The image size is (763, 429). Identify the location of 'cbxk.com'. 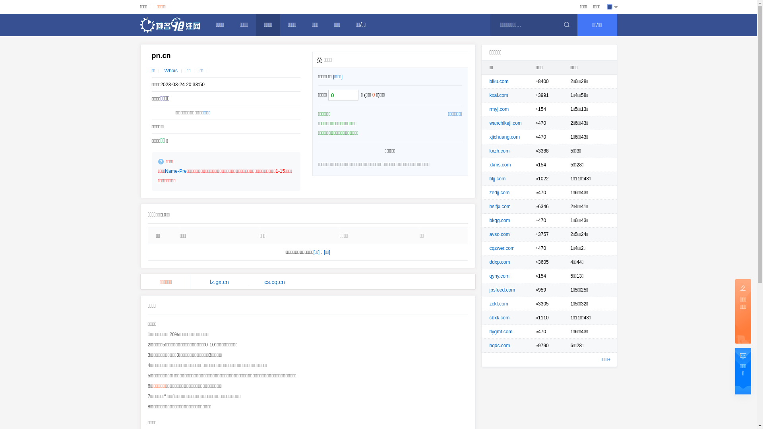
(499, 317).